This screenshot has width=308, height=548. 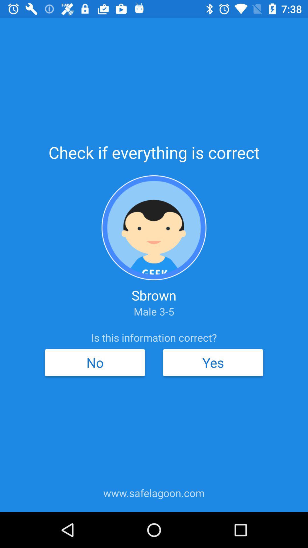 I want to click on item next to no, so click(x=213, y=362).